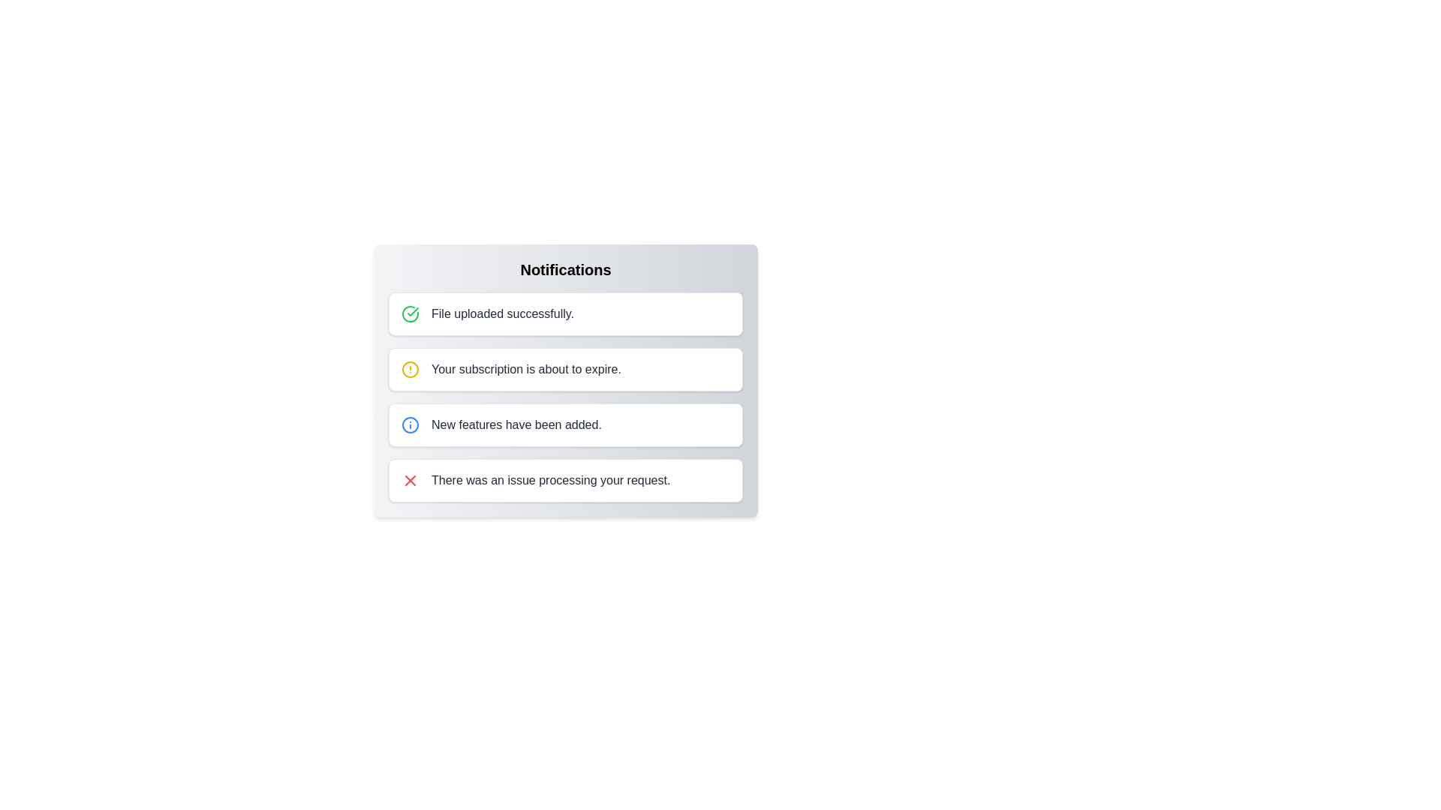  What do you see at coordinates (550, 480) in the screenshot?
I see `the static text element that serves as an alert description in the fourth notification box under the 'Notifications' heading` at bounding box center [550, 480].